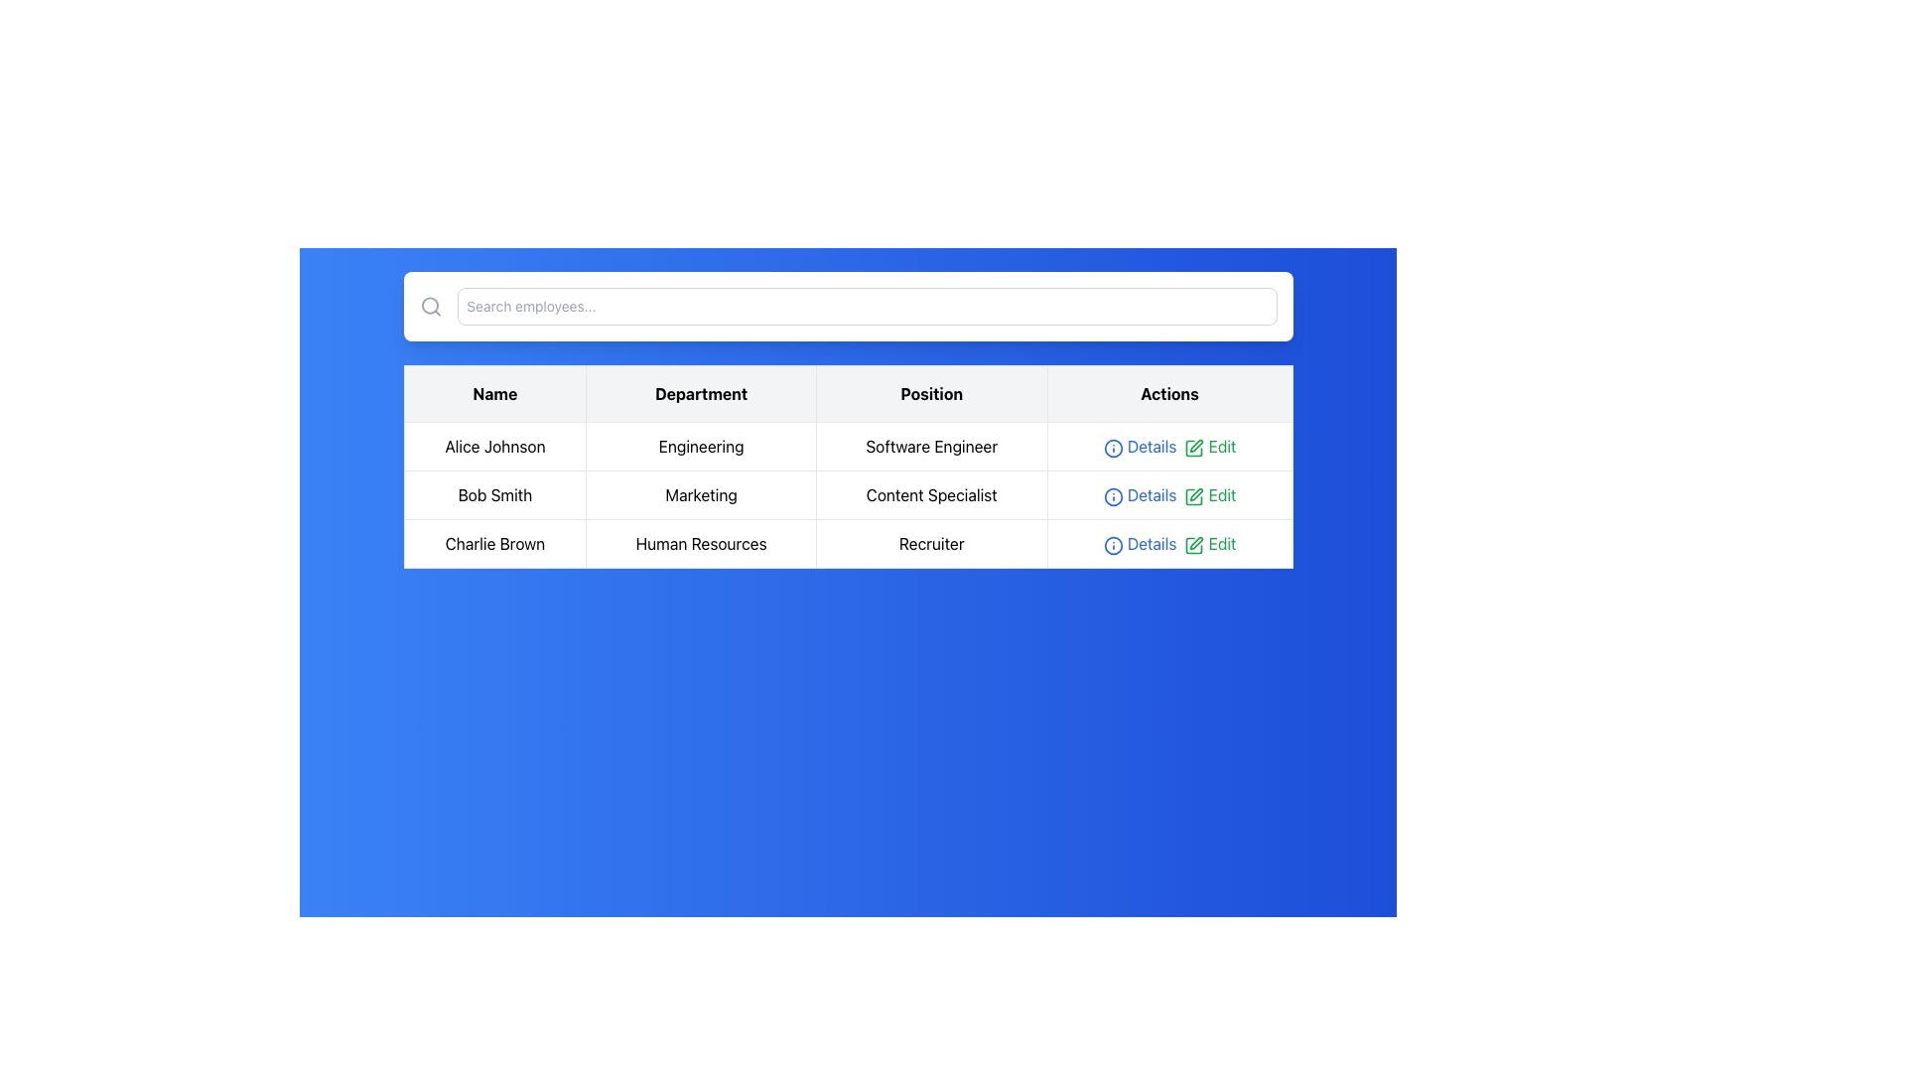 The height and width of the screenshot is (1072, 1906). I want to click on the edit button in the Actions column of the first row, so click(1209, 447).